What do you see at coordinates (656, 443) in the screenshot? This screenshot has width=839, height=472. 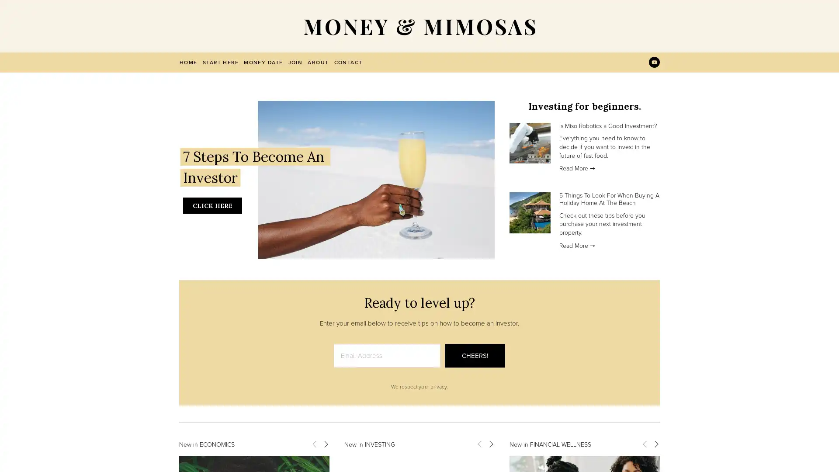 I see `Next` at bounding box center [656, 443].